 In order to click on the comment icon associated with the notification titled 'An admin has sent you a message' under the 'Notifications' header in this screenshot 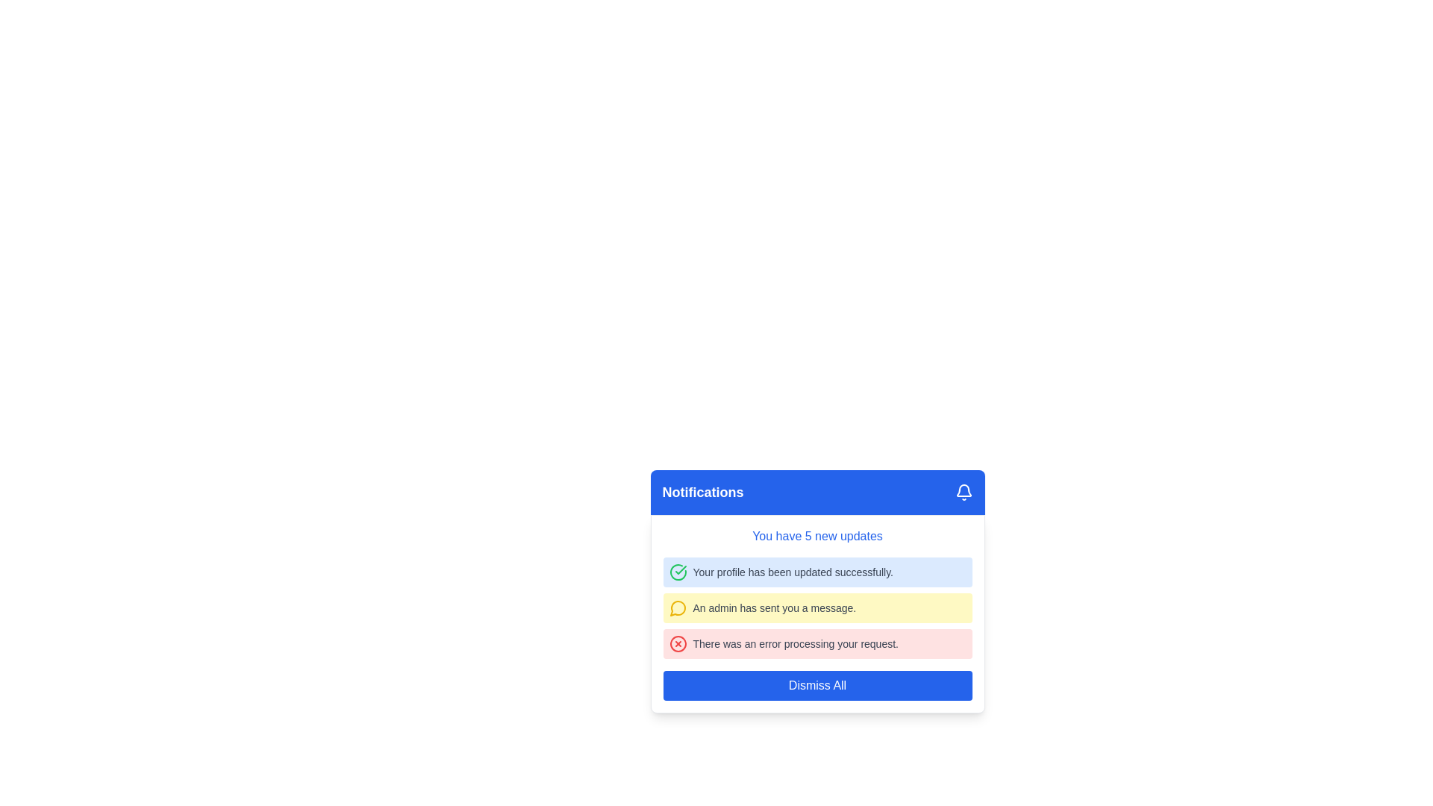, I will do `click(676, 607)`.